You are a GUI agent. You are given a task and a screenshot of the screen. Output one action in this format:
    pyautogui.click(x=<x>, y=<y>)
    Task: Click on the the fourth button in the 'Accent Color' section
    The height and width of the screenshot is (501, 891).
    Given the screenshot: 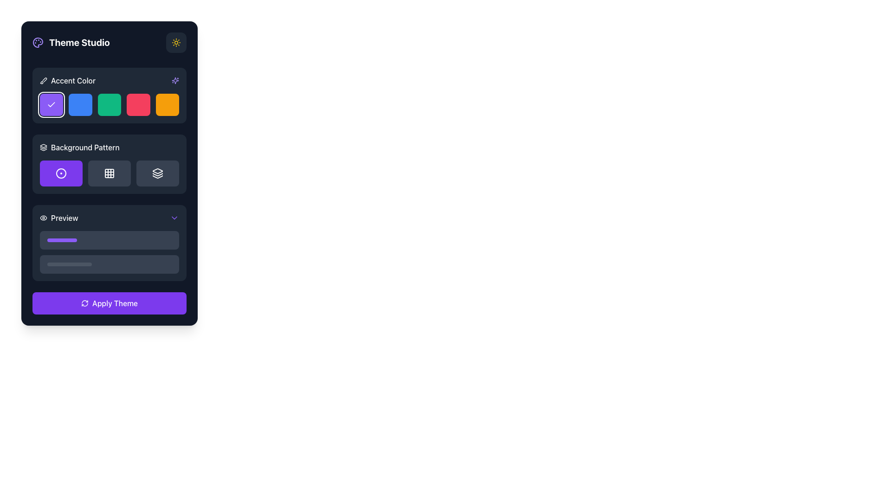 What is the action you would take?
    pyautogui.click(x=138, y=104)
    